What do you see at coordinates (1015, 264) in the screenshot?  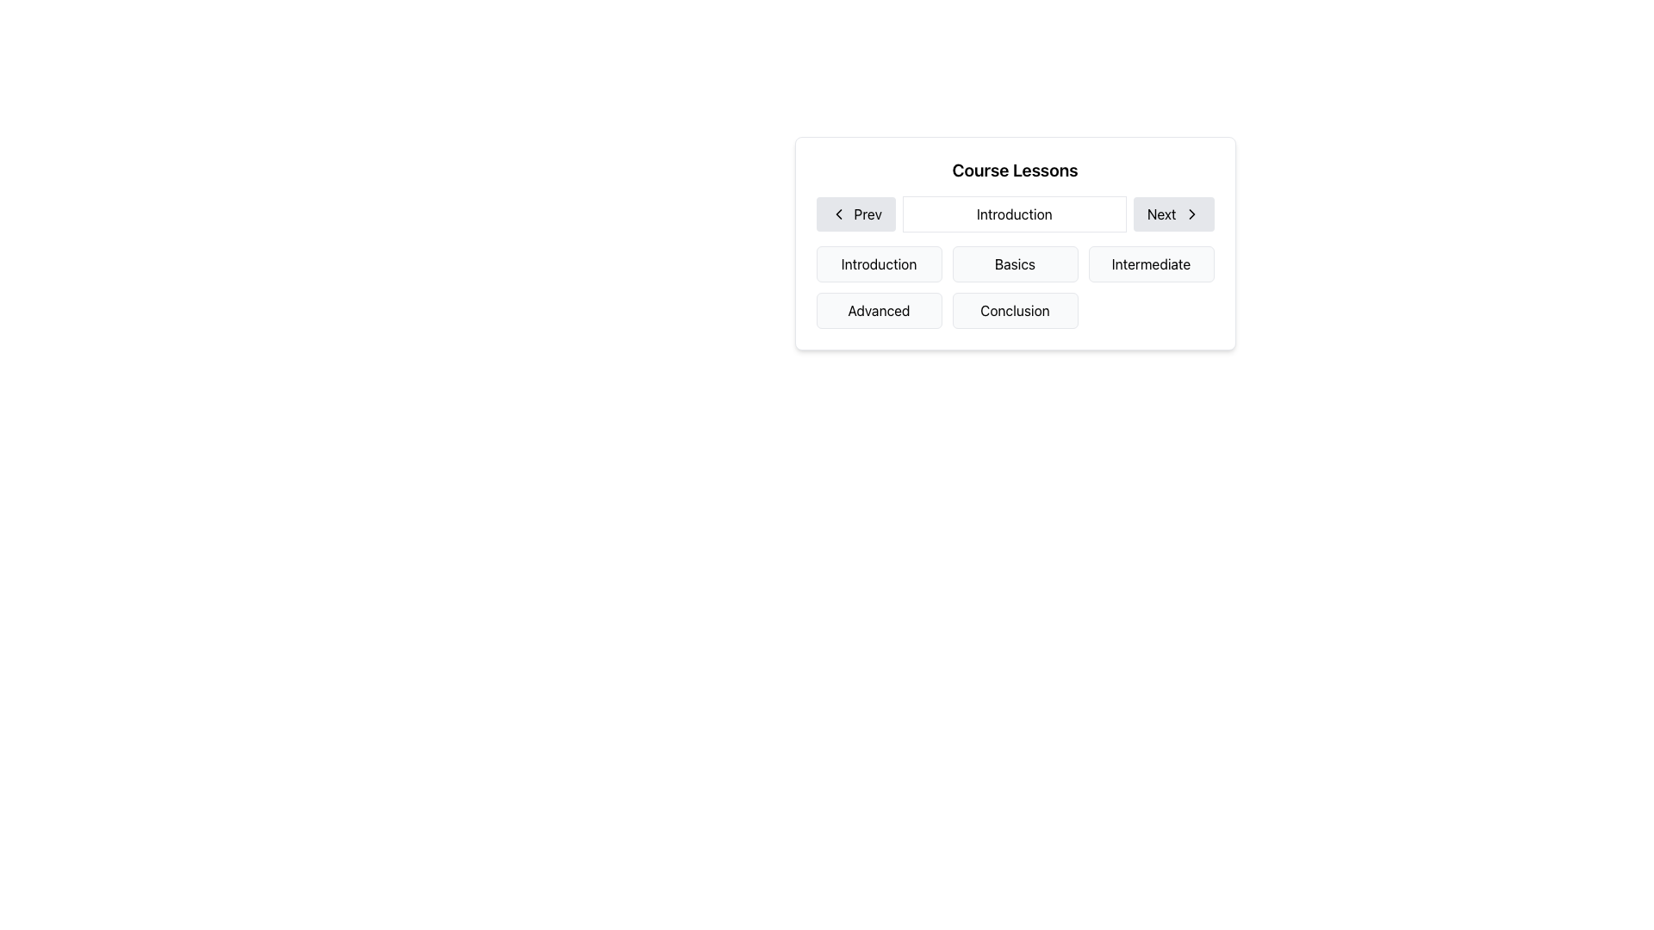 I see `the 'Basics' button located in the top row of the grid layout under 'Course Lessons'` at bounding box center [1015, 264].